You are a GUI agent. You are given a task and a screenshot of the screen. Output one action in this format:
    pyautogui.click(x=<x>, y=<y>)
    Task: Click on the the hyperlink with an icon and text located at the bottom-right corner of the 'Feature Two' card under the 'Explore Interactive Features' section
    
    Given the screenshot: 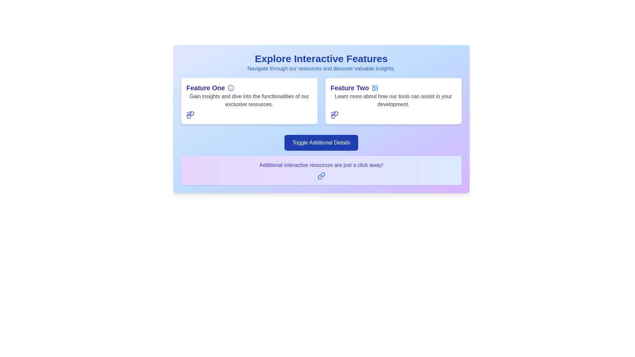 What is the action you would take?
    pyautogui.click(x=334, y=114)
    